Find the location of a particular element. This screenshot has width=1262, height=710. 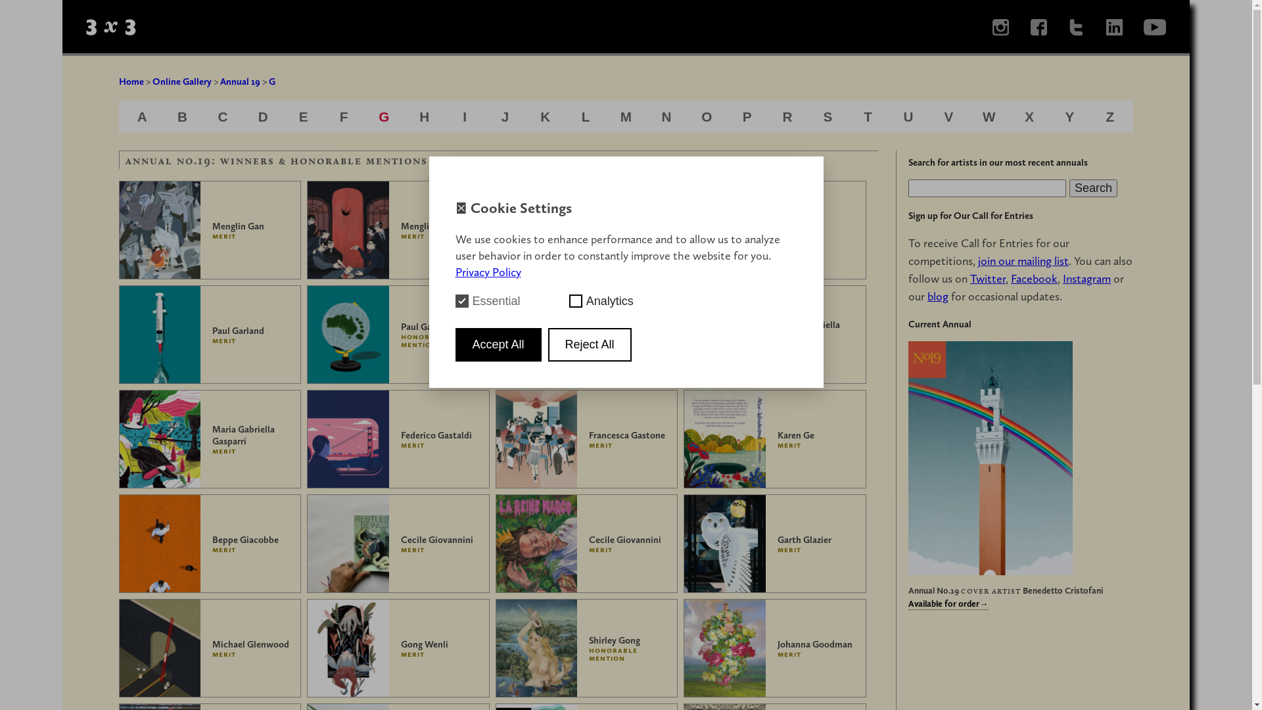

'T' is located at coordinates (868, 116).